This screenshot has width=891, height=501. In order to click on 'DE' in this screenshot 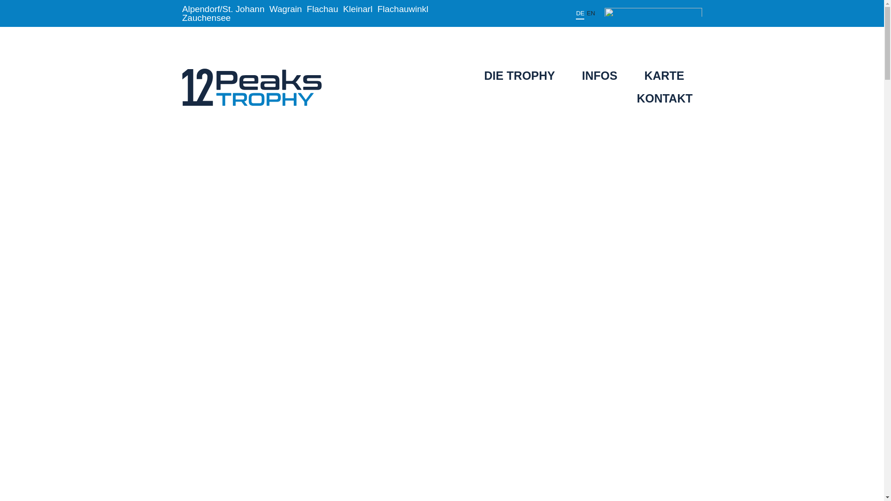, I will do `click(579, 13)`.